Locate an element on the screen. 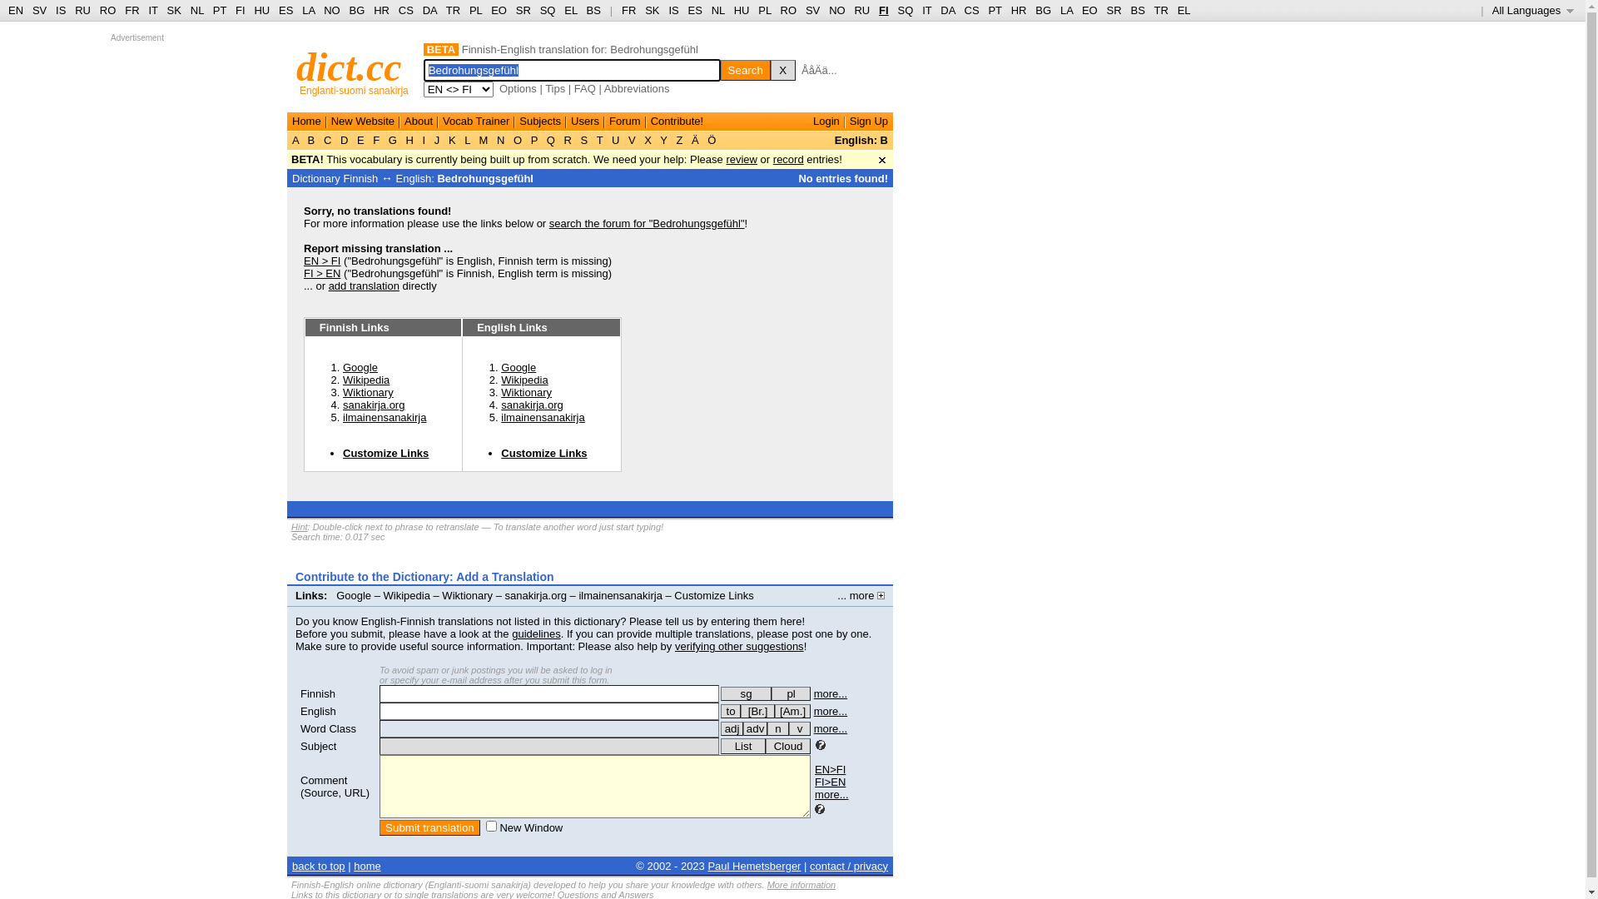 The width and height of the screenshot is (1598, 899). 'More information' is located at coordinates (766, 884).